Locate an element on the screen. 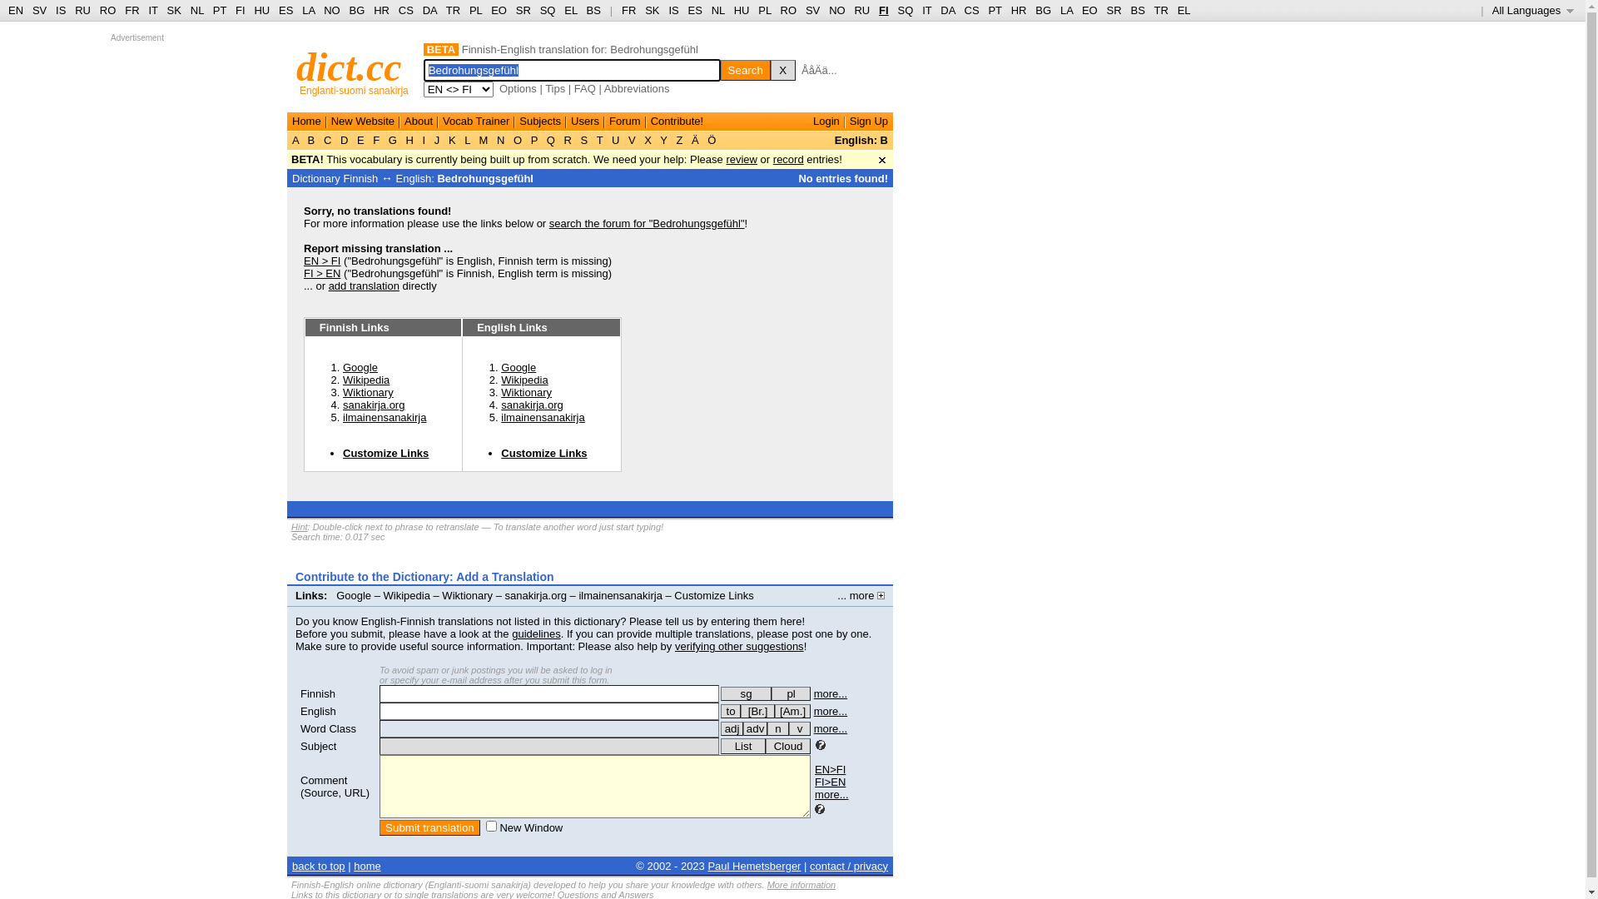 The width and height of the screenshot is (1598, 899). 'More information' is located at coordinates (766, 884).